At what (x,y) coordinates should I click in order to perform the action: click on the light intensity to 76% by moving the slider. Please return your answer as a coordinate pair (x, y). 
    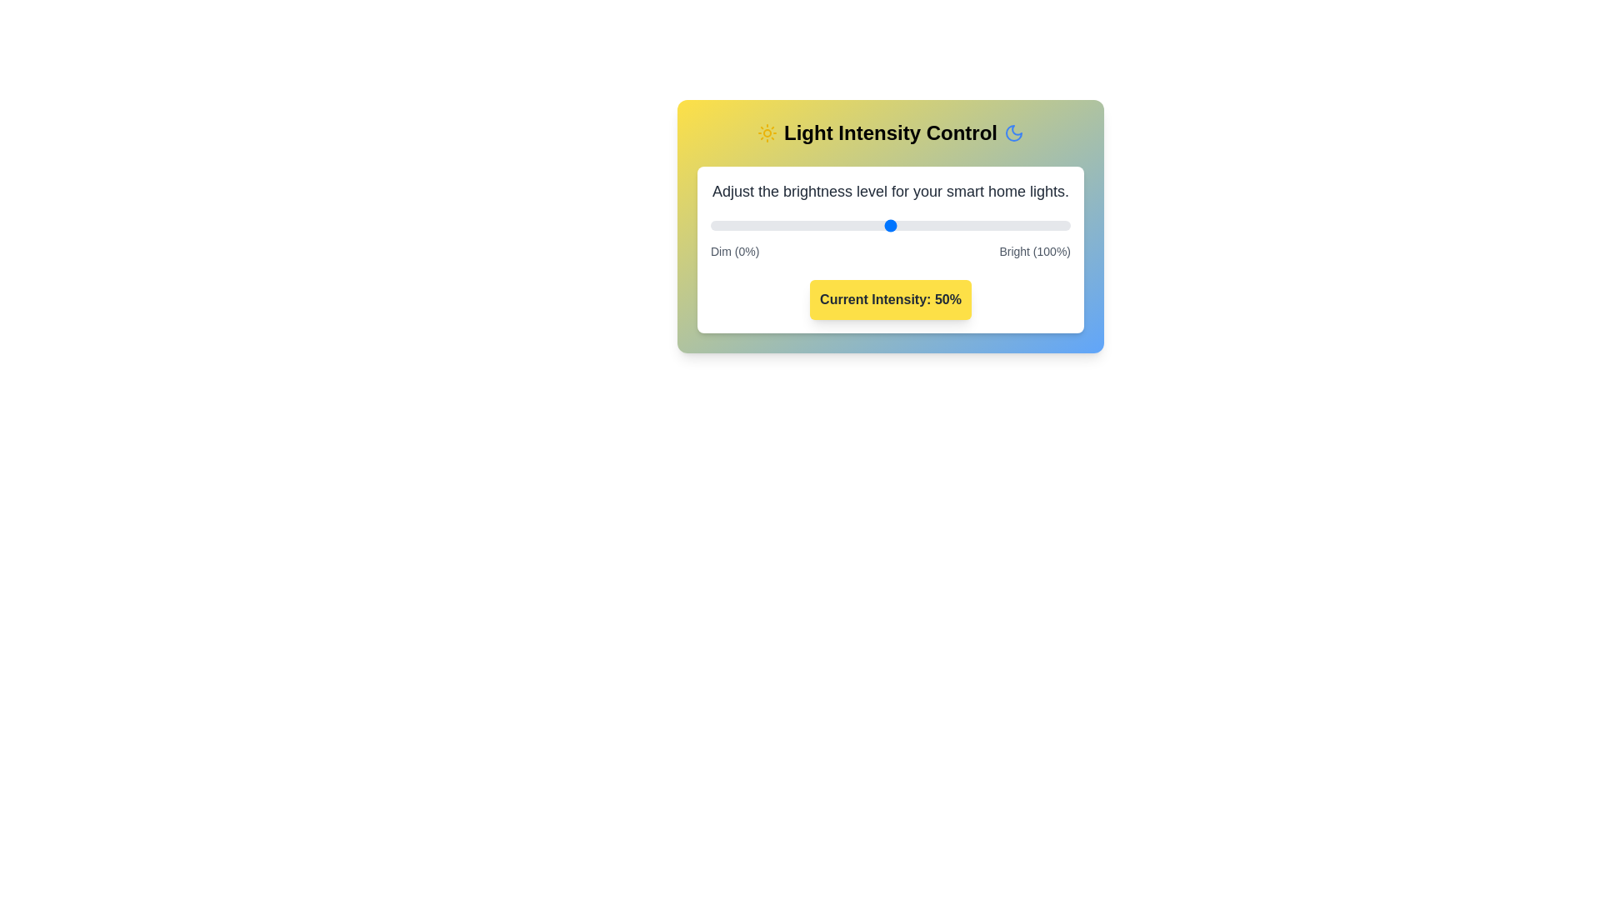
    Looking at the image, I should click on (984, 225).